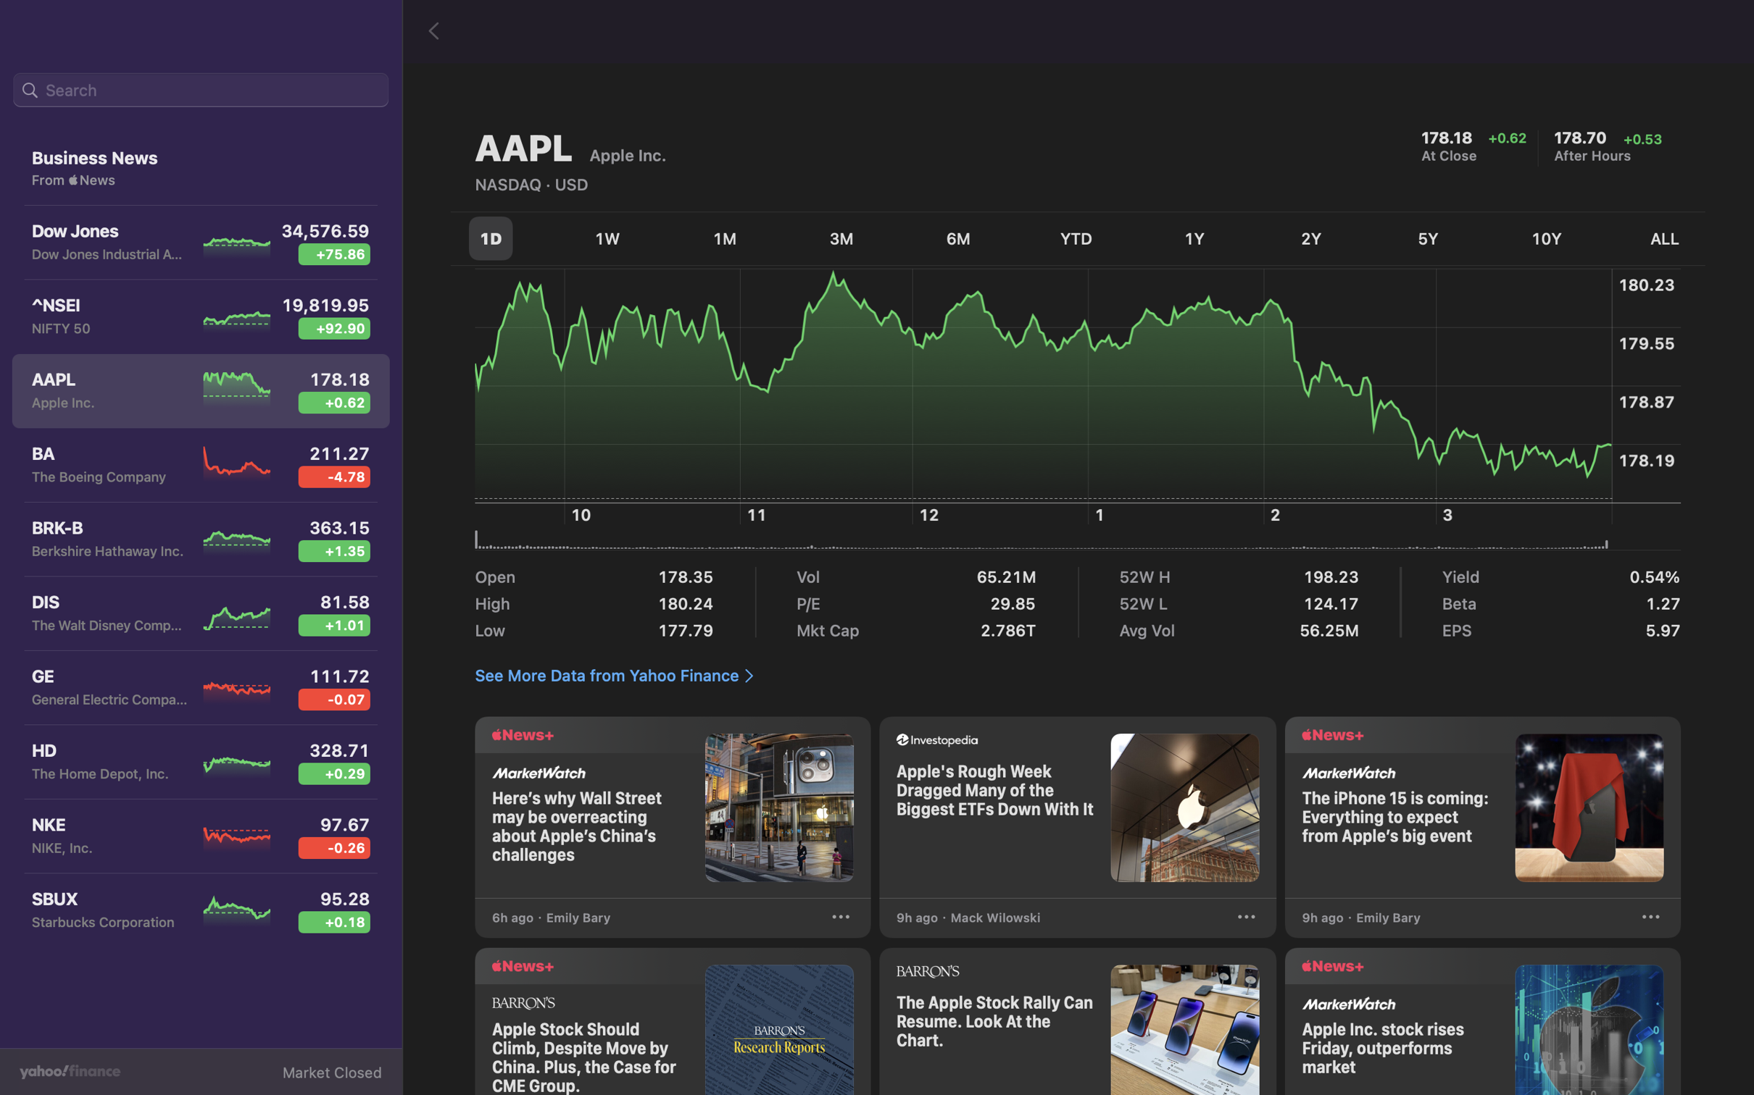 This screenshot has width=1754, height=1095. Describe the element at coordinates (841, 240) in the screenshot. I see `Assess the stock shift over the previous three months` at that location.